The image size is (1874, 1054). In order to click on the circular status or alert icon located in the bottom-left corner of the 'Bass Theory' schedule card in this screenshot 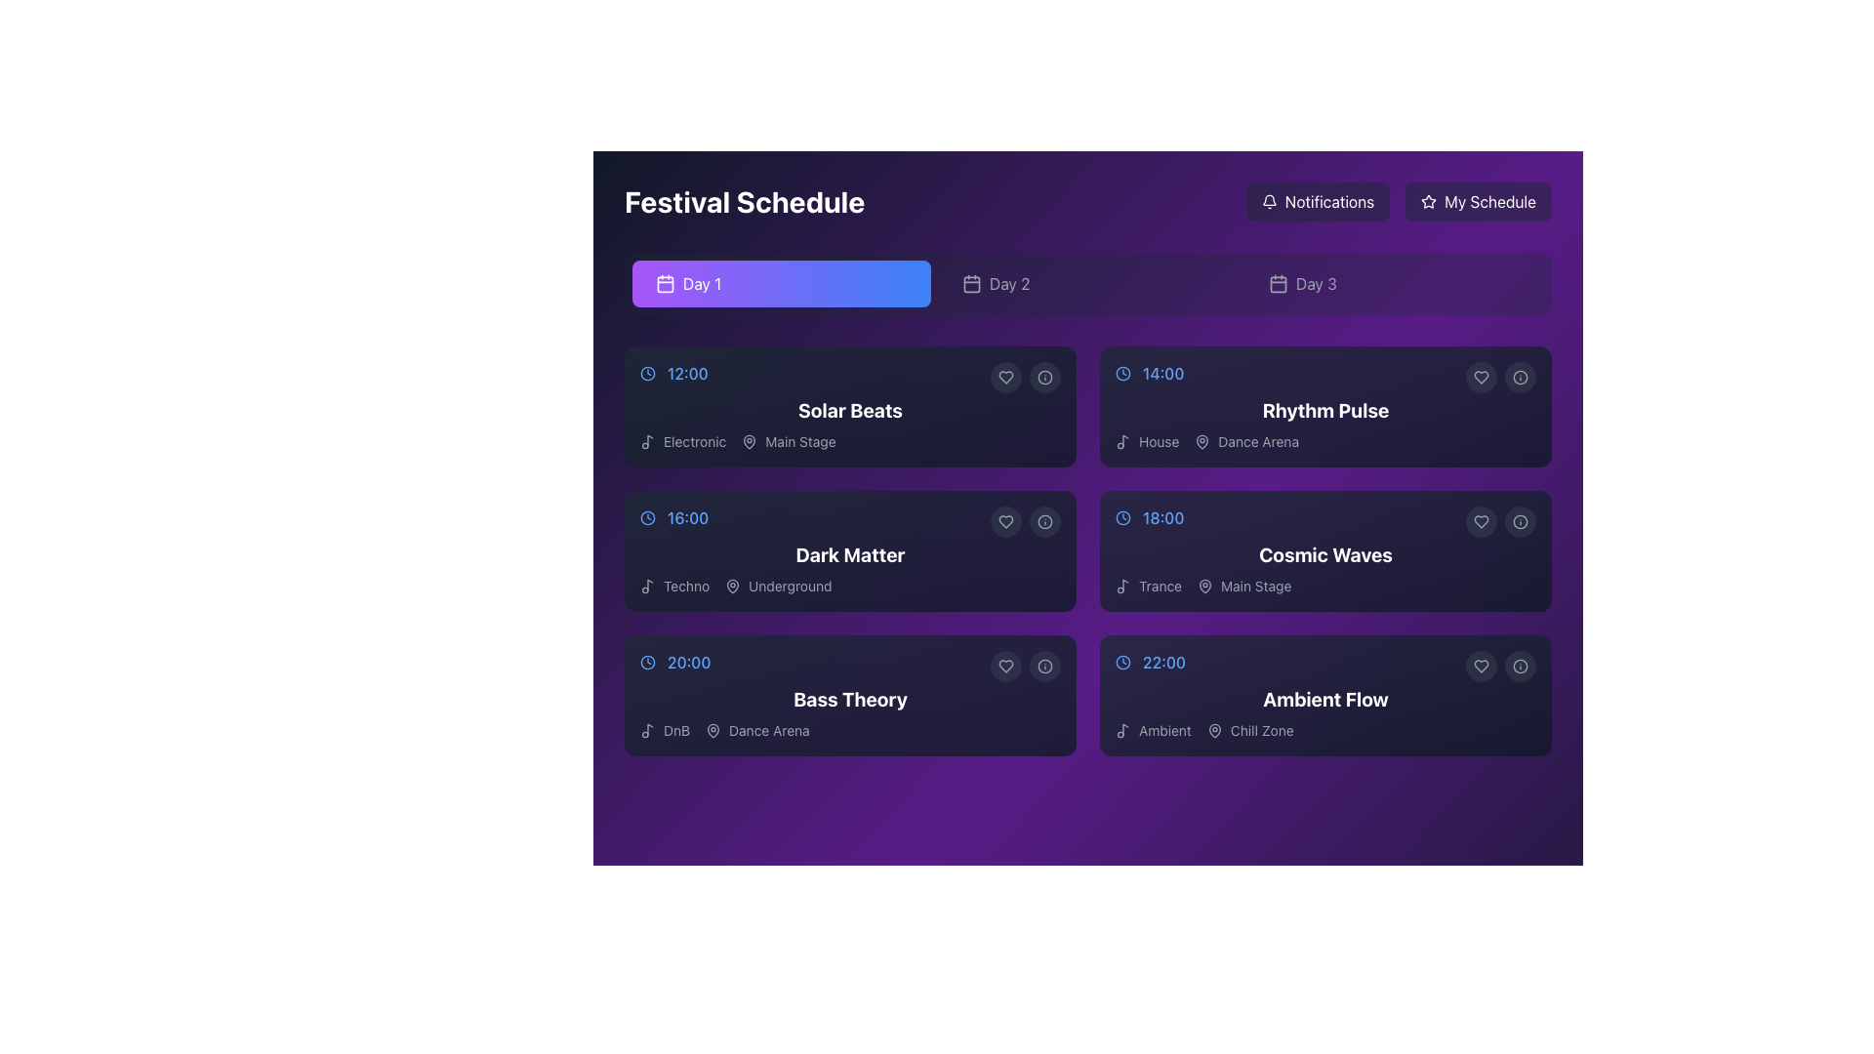, I will do `click(1043, 665)`.